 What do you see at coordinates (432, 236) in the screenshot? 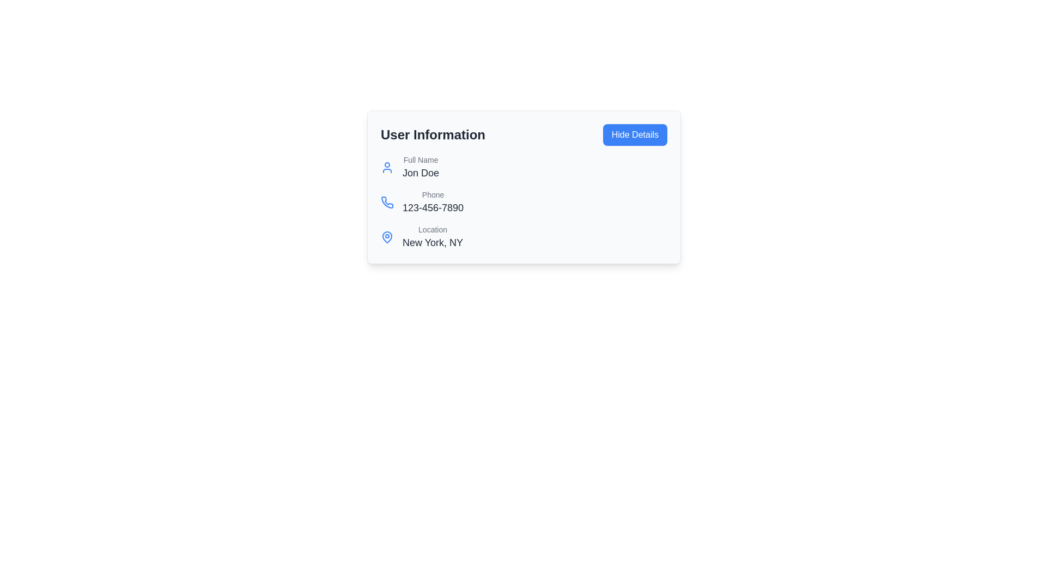
I see `location information displayed in the text display element located in the bottom row of the contact card interface, next to the location icon` at bounding box center [432, 236].